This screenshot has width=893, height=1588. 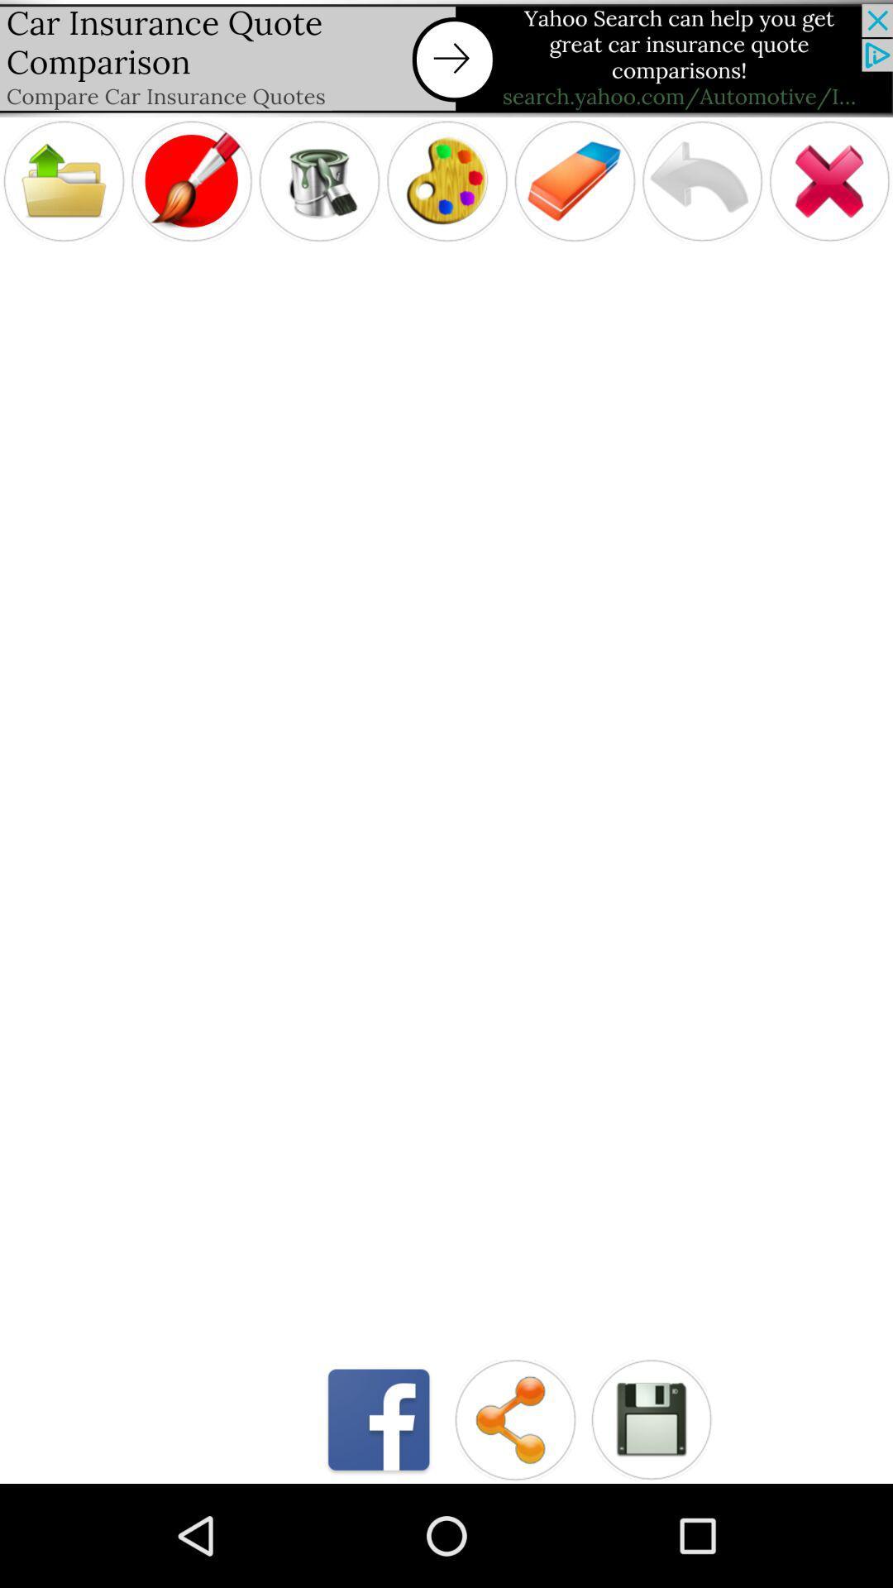 I want to click on erase button, so click(x=574, y=181).